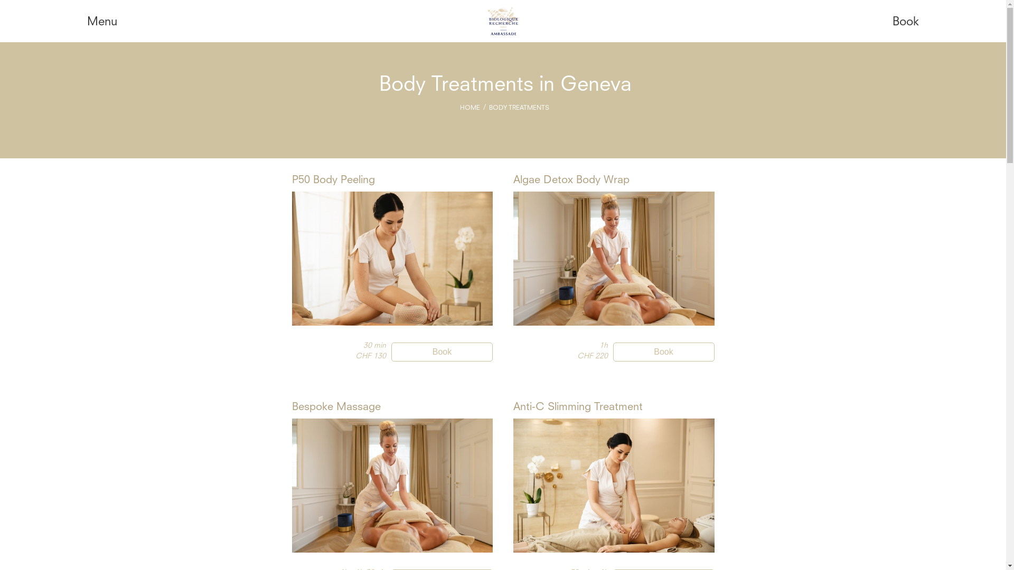 This screenshot has width=1014, height=570. What do you see at coordinates (570, 180) in the screenshot?
I see `'Algae Detox Body Wrap'` at bounding box center [570, 180].